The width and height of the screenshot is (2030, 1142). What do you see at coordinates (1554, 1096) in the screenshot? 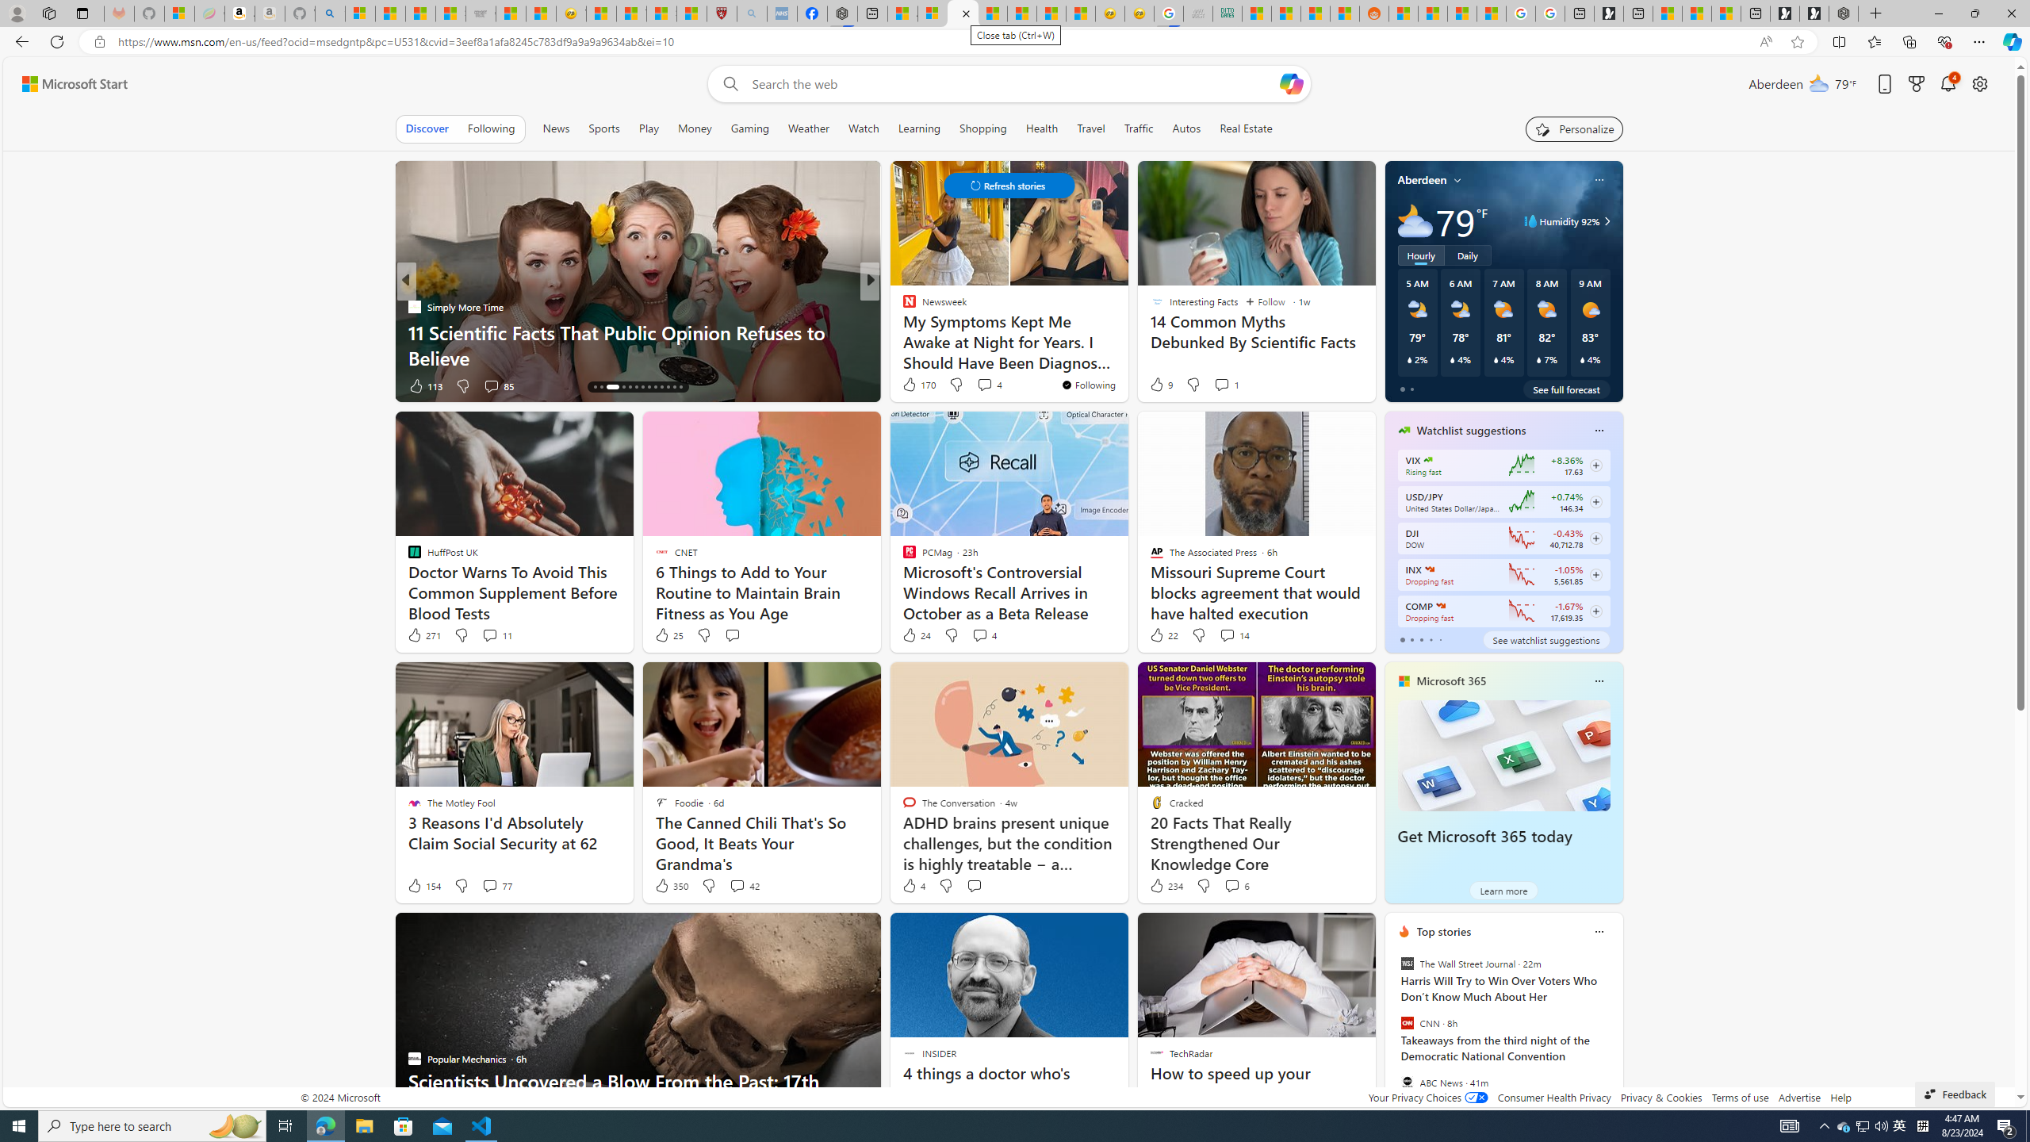
I see `'Consumer Health Privacy'` at bounding box center [1554, 1096].